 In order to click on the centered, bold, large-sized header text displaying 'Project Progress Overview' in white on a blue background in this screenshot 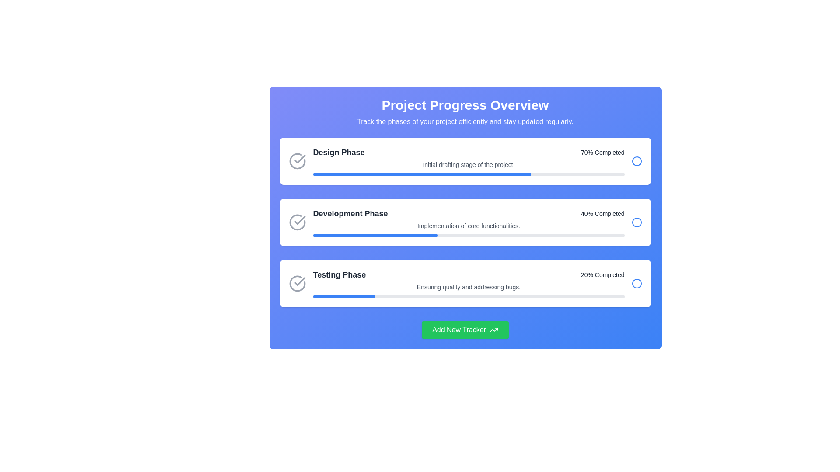, I will do `click(465, 104)`.